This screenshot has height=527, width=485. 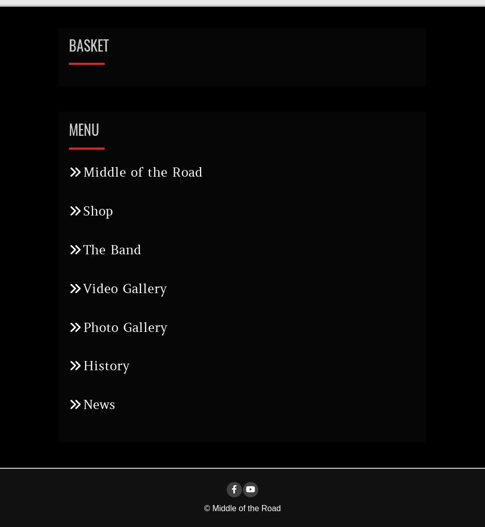 I want to click on 'Video Gallery', so click(x=83, y=289).